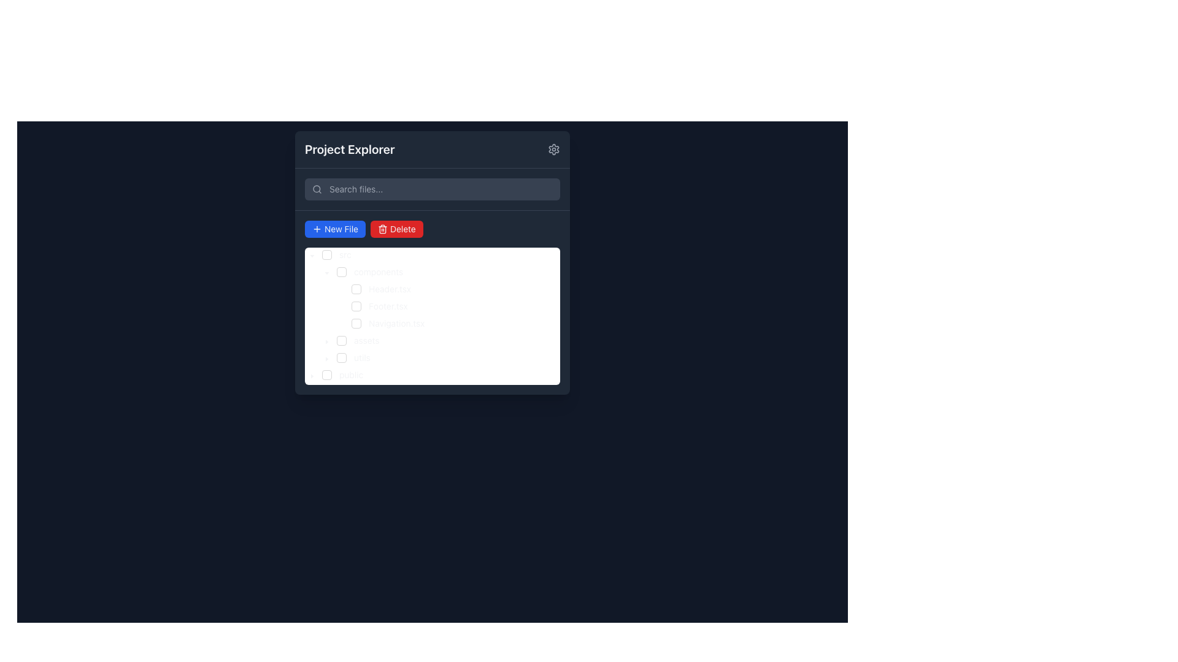  What do you see at coordinates (312, 340) in the screenshot?
I see `the indentation marker element located to the left of the 'assets' tree item, which visually denotes the hierarchy level` at bounding box center [312, 340].